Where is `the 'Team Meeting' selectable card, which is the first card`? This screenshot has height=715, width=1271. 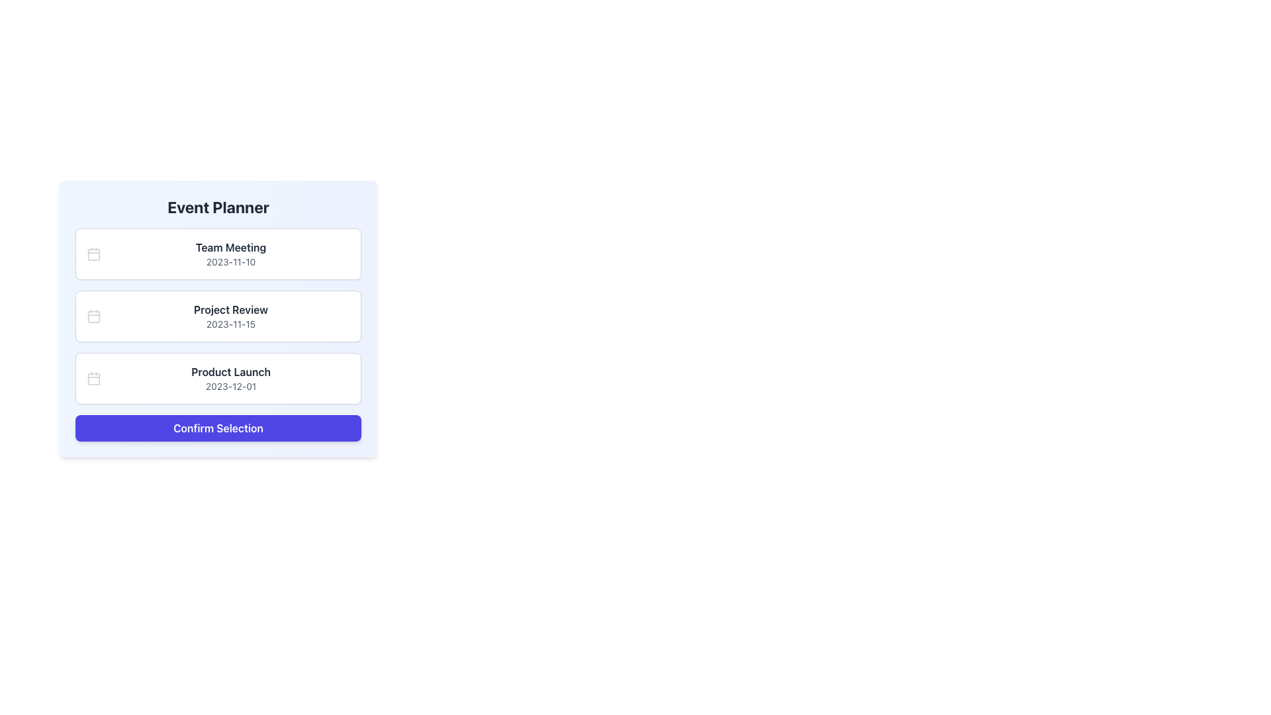
the 'Team Meeting' selectable card, which is the first card is located at coordinates (218, 254).